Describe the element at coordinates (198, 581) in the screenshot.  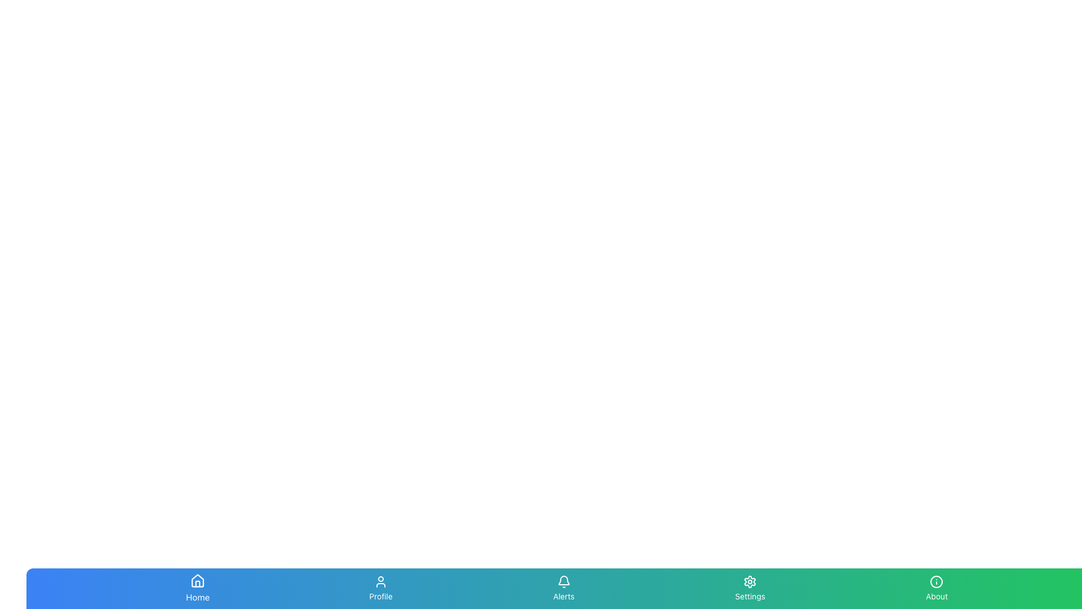
I see `the house icon in the bottom navigation bar that redirects` at that location.